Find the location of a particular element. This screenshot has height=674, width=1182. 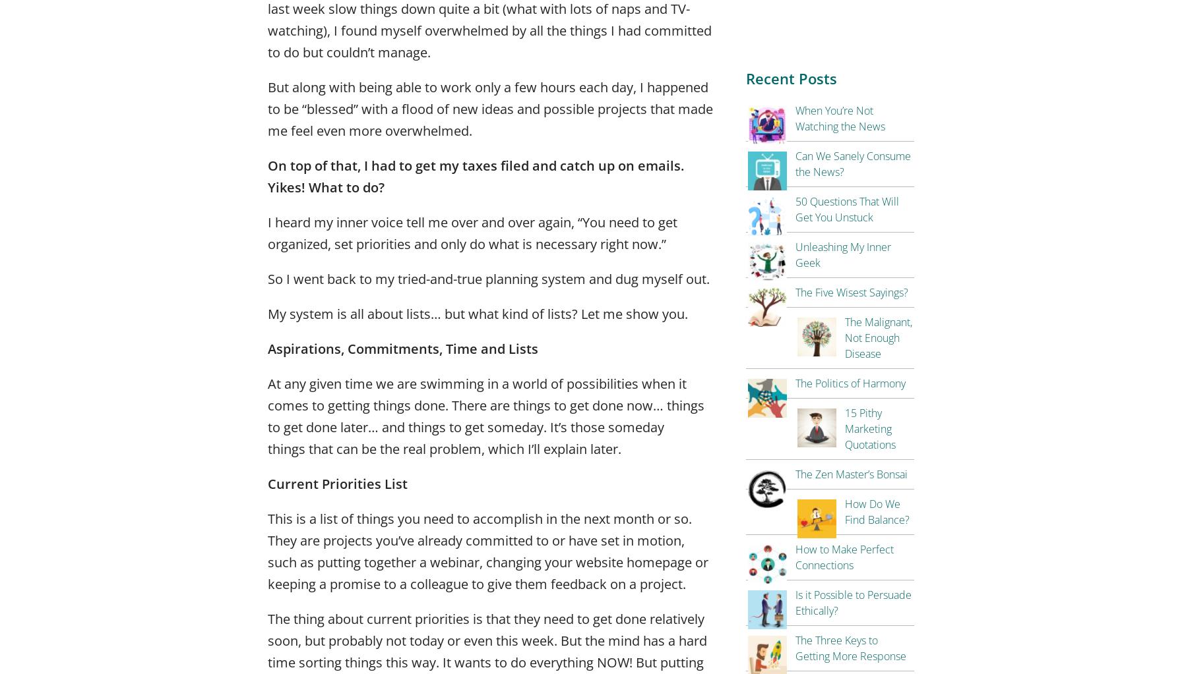

'The Three Keys to Getting More Response' is located at coordinates (851, 648).